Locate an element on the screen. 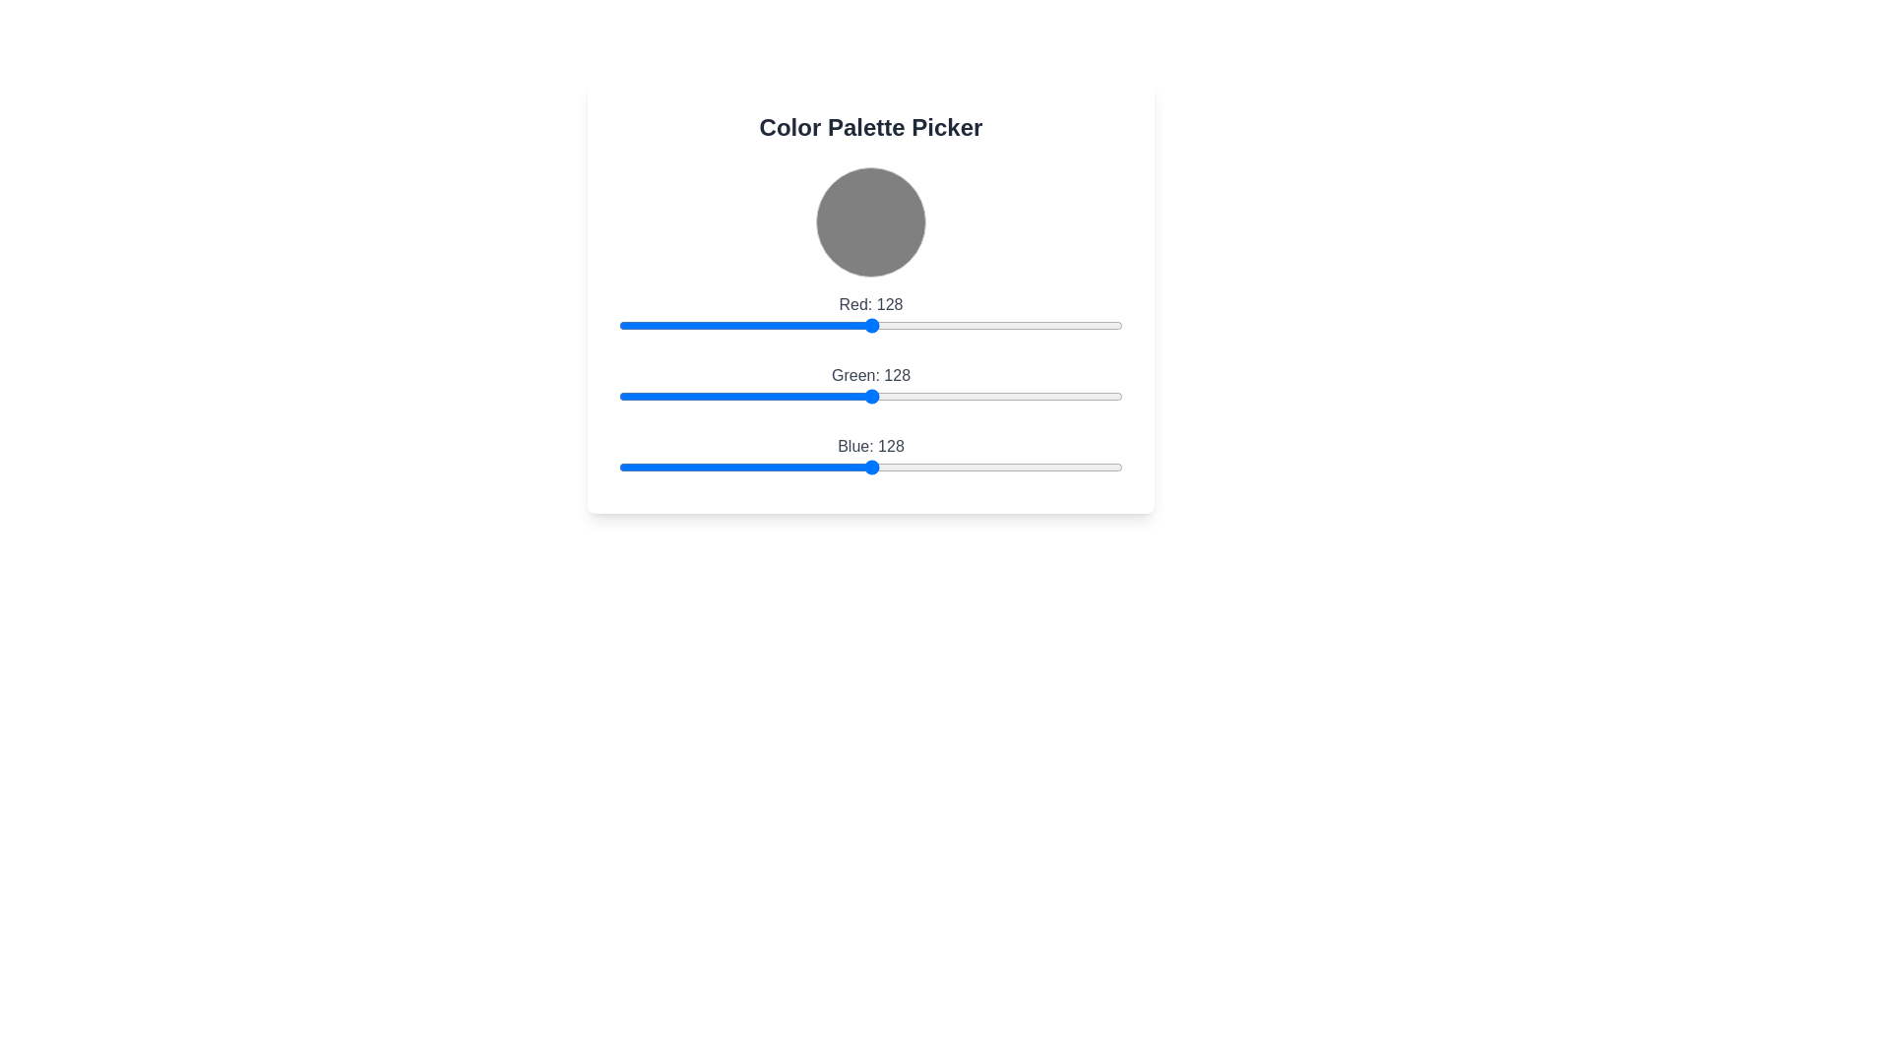  the green color value is located at coordinates (788, 396).